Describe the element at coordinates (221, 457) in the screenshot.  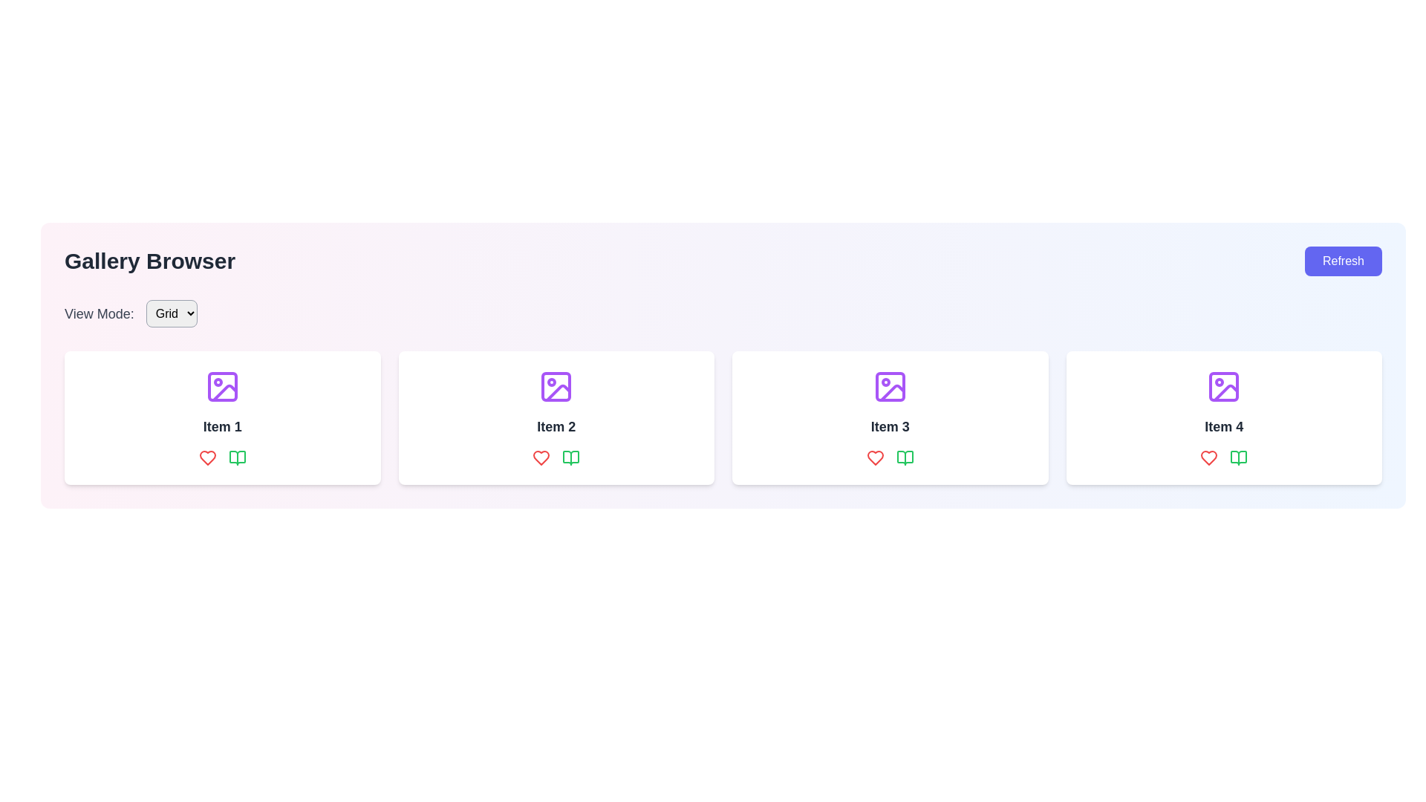
I see `the red outlined heart icon in the action panel located at the bottom section of the card labeled 'Item 1' to like the item` at that location.